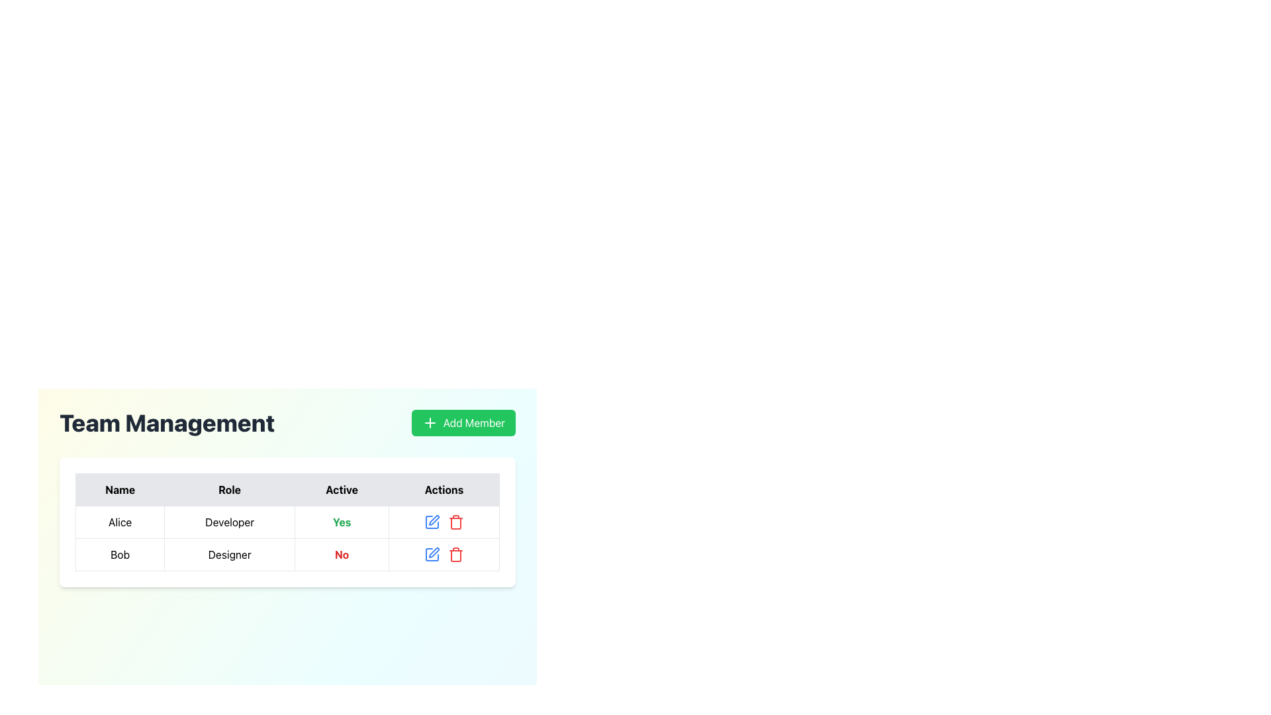  I want to click on the Label displaying 'Alice' in bold black font located in the first row and first column of the 'Team Management' table, so click(120, 522).